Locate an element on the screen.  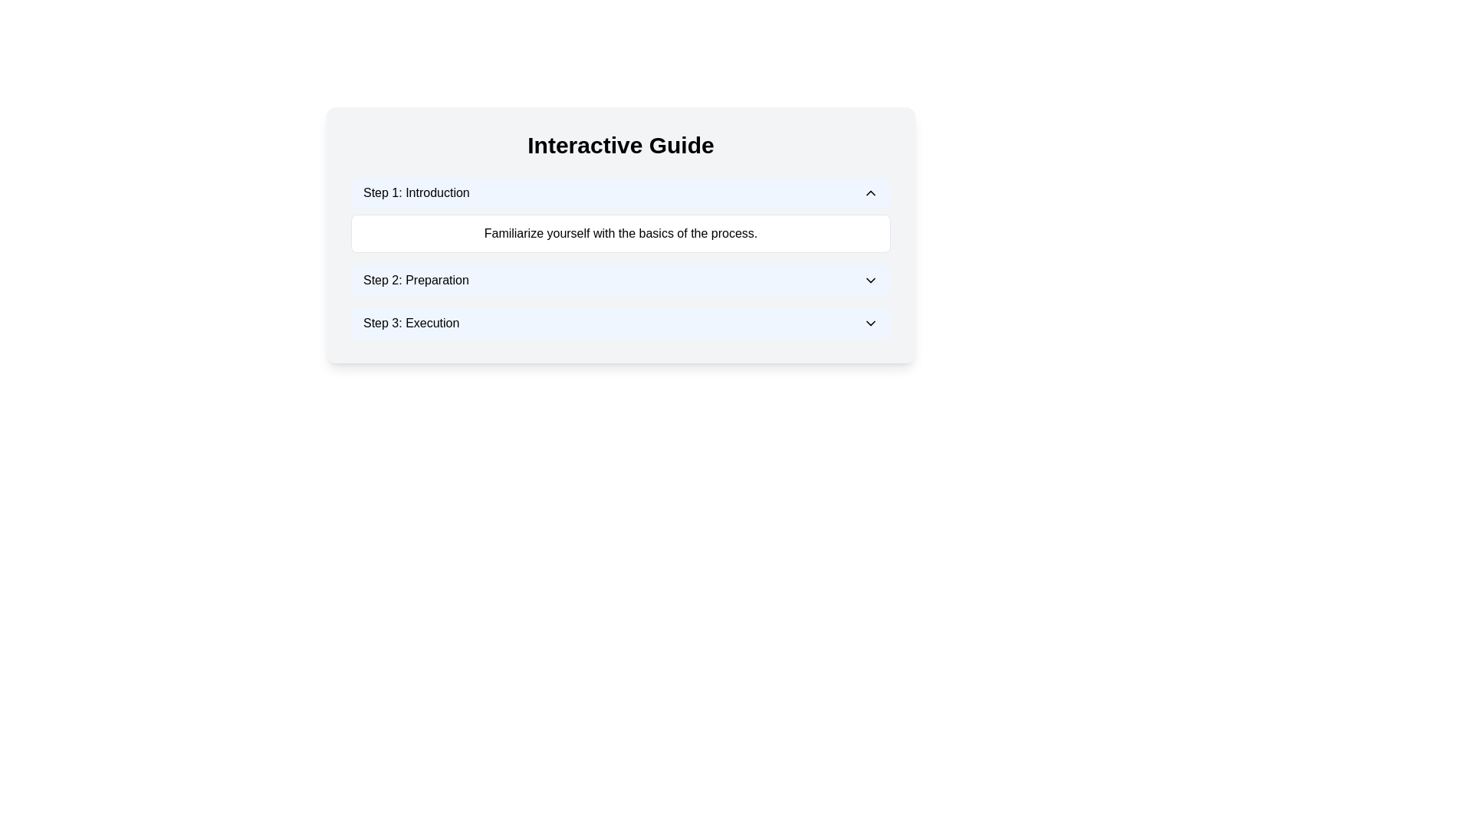
text label 'Step 2: Preparation' which is prominently displayed in bold on a light blue background, indicating it is part of a list of steps is located at coordinates (416, 281).